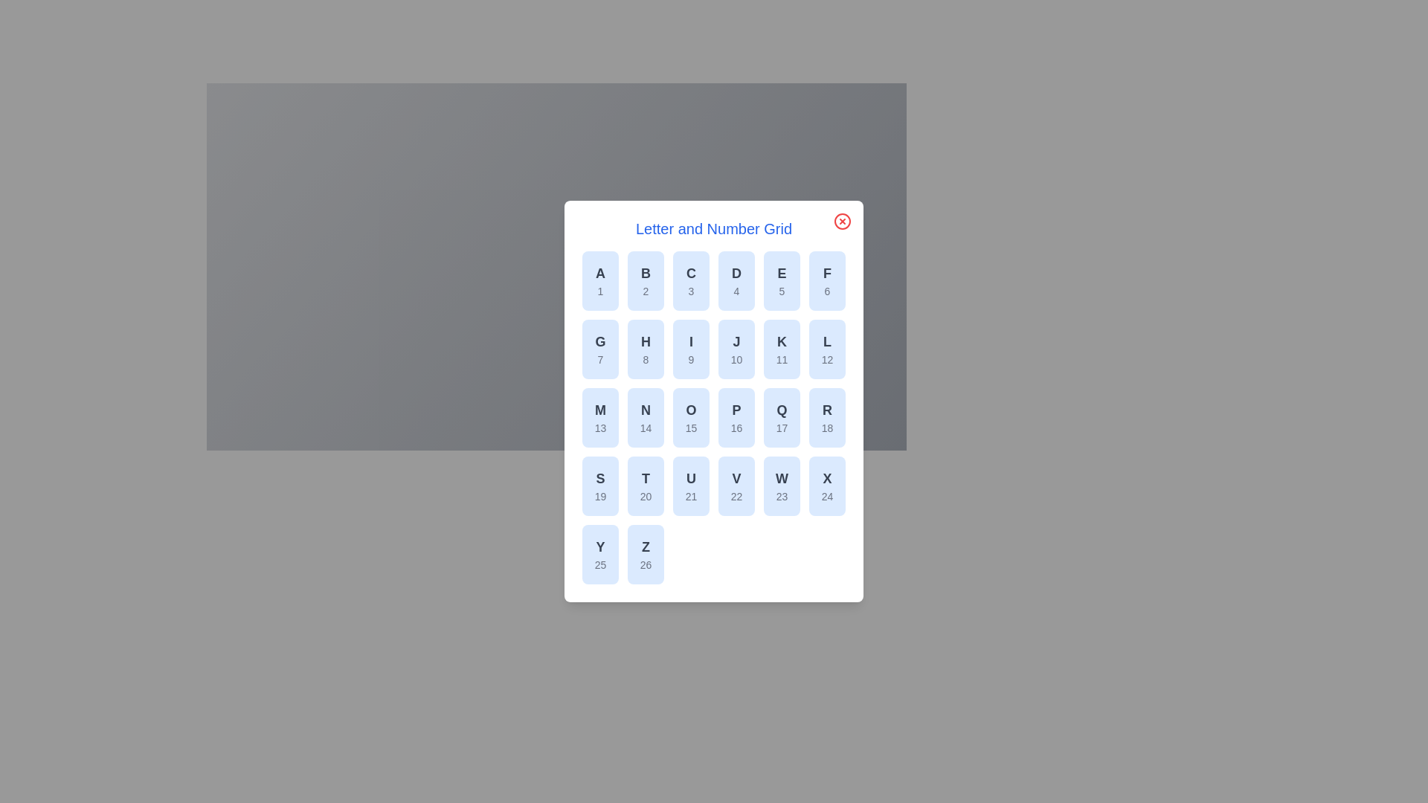  Describe the element at coordinates (600, 418) in the screenshot. I see `the grid item corresponding to letter M` at that location.